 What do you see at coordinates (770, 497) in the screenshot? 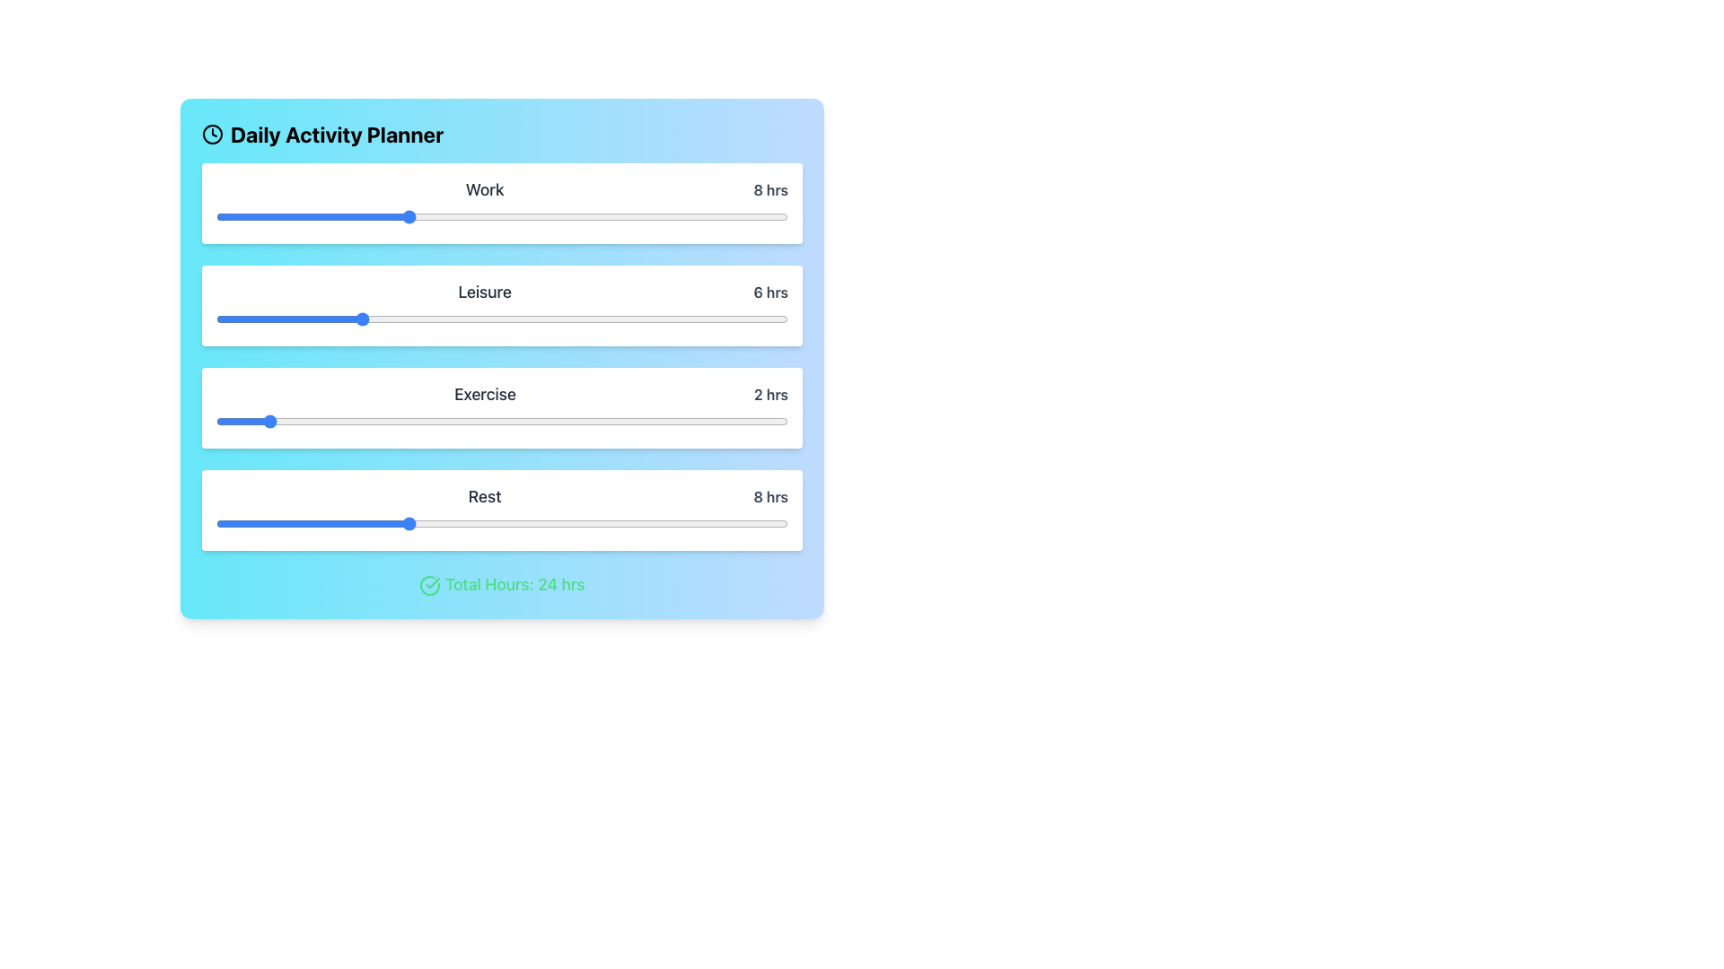
I see `the Label displaying '8 hrs' in bold gray font, located at the right end of the 'Rest' row in the 'Daily Activity Planner' interface` at bounding box center [770, 497].